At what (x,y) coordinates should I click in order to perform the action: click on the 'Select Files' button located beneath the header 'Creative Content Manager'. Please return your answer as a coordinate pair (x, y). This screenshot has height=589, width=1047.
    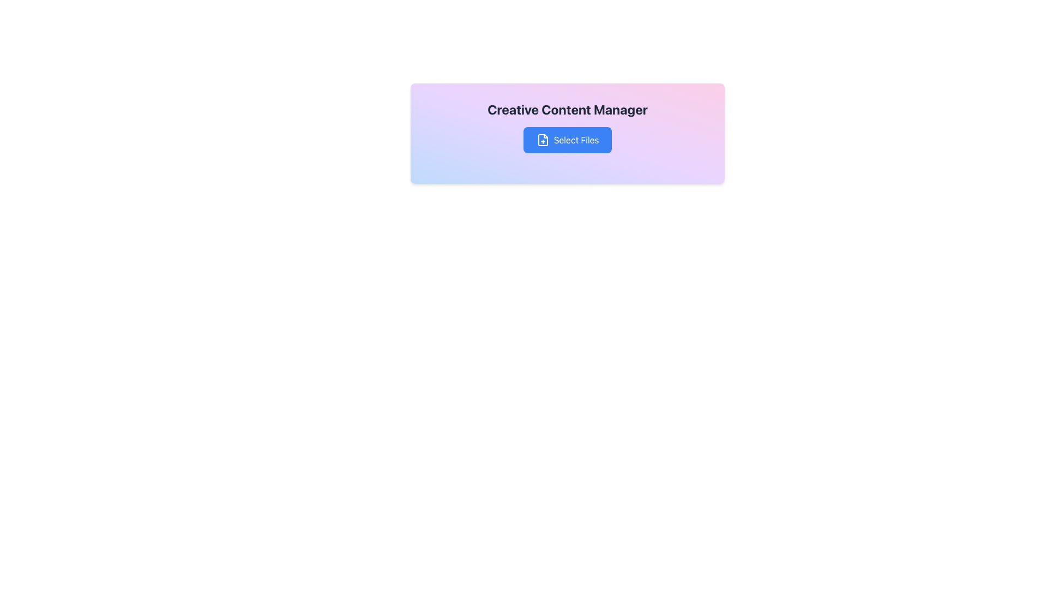
    Looking at the image, I should click on (567, 126).